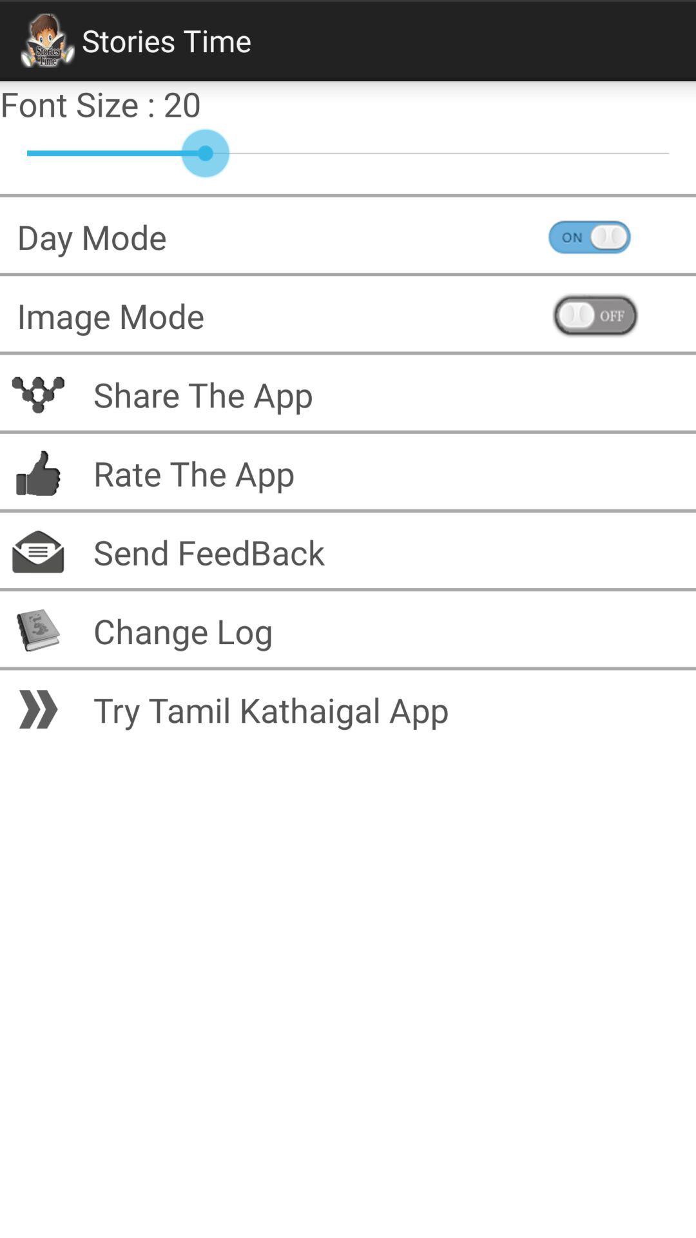 The width and height of the screenshot is (696, 1238). What do you see at coordinates (385, 631) in the screenshot?
I see `the change log item` at bounding box center [385, 631].